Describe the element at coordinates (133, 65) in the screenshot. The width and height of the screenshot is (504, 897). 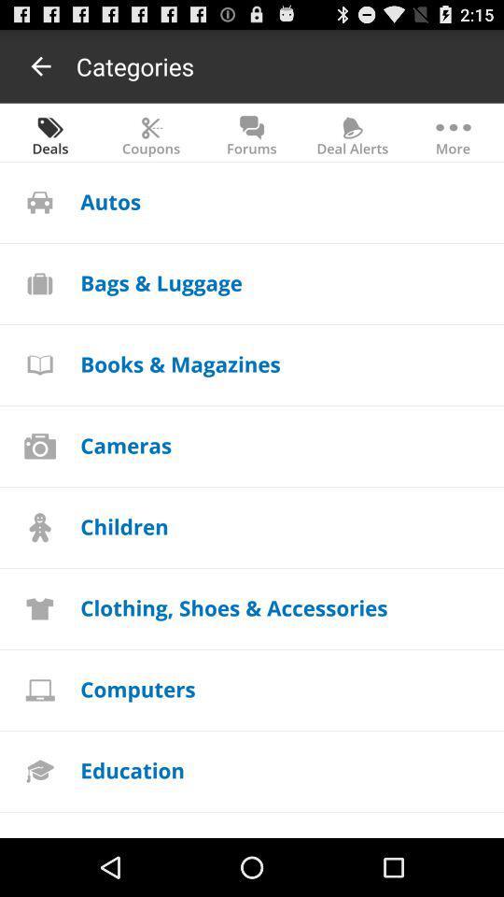
I see `the item above the coupons` at that location.